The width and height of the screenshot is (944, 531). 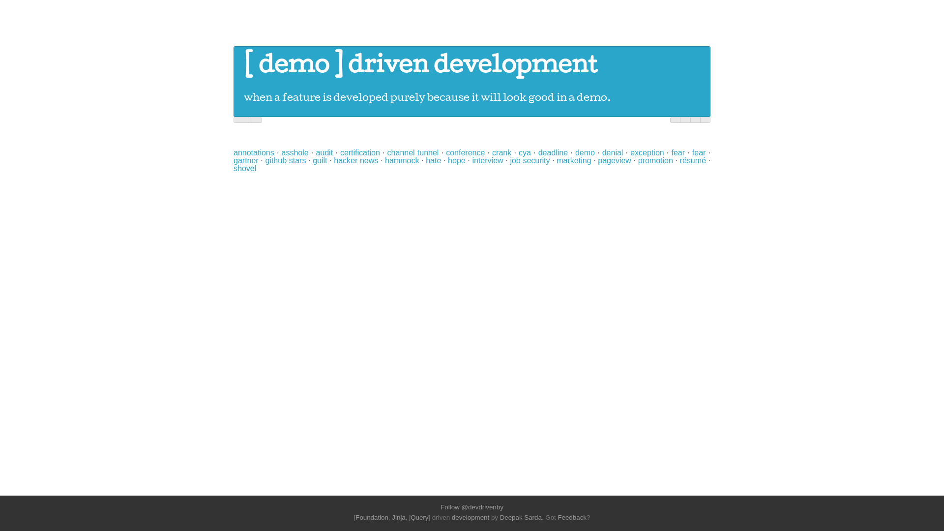 I want to click on 'asshole', so click(x=280, y=152).